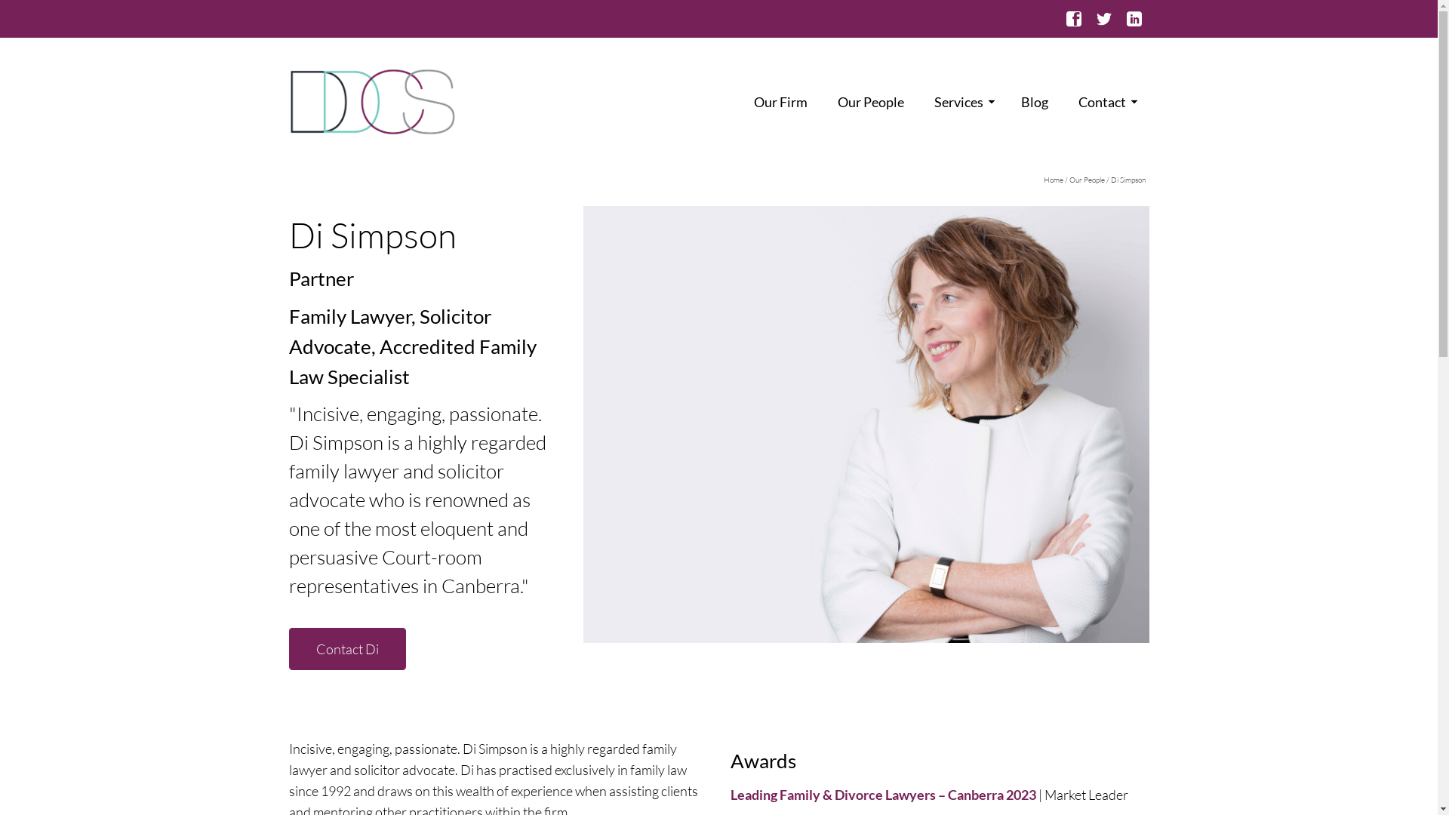  Describe the element at coordinates (961, 102) in the screenshot. I see `'Services'` at that location.